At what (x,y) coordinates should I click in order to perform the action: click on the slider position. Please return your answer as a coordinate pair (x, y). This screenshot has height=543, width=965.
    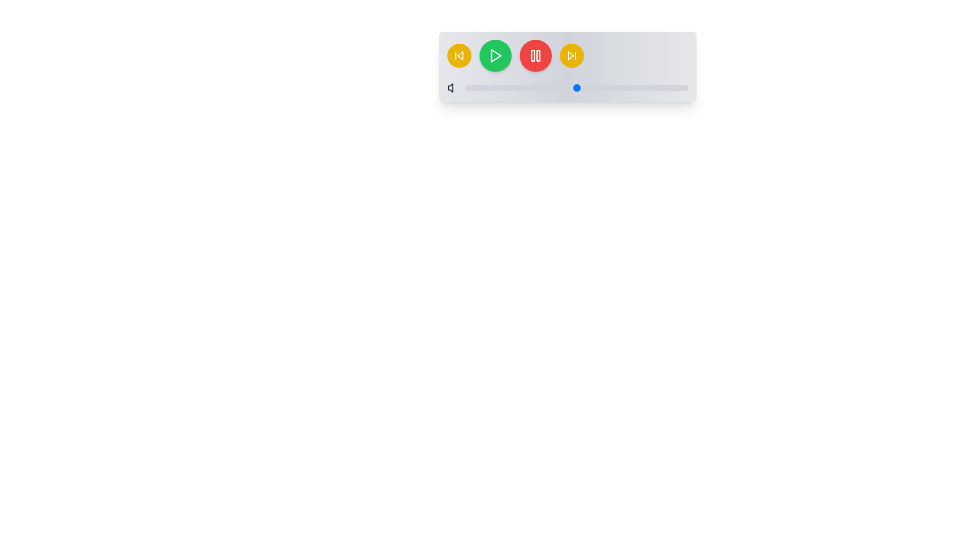
    Looking at the image, I should click on (499, 87).